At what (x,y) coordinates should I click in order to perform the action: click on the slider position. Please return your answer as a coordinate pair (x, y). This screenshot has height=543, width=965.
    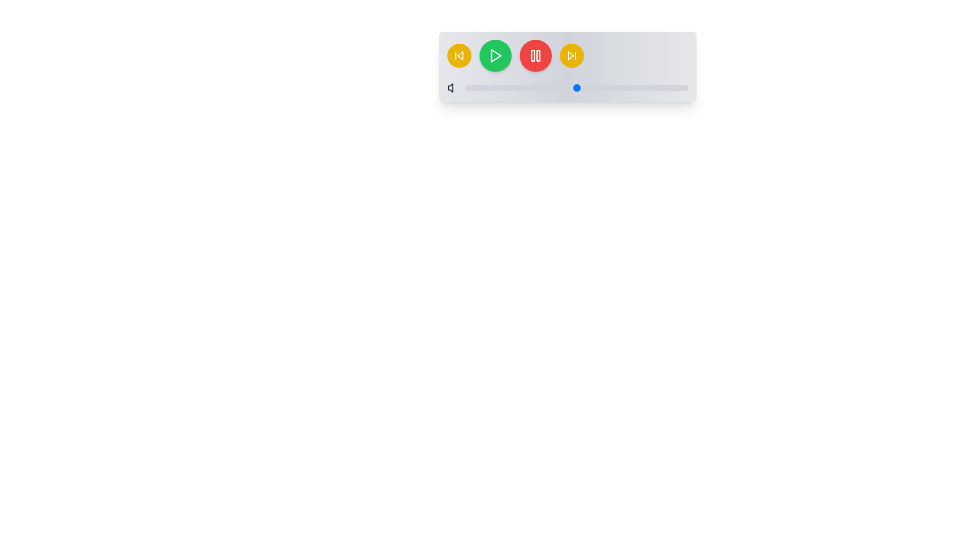
    Looking at the image, I should click on (499, 87).